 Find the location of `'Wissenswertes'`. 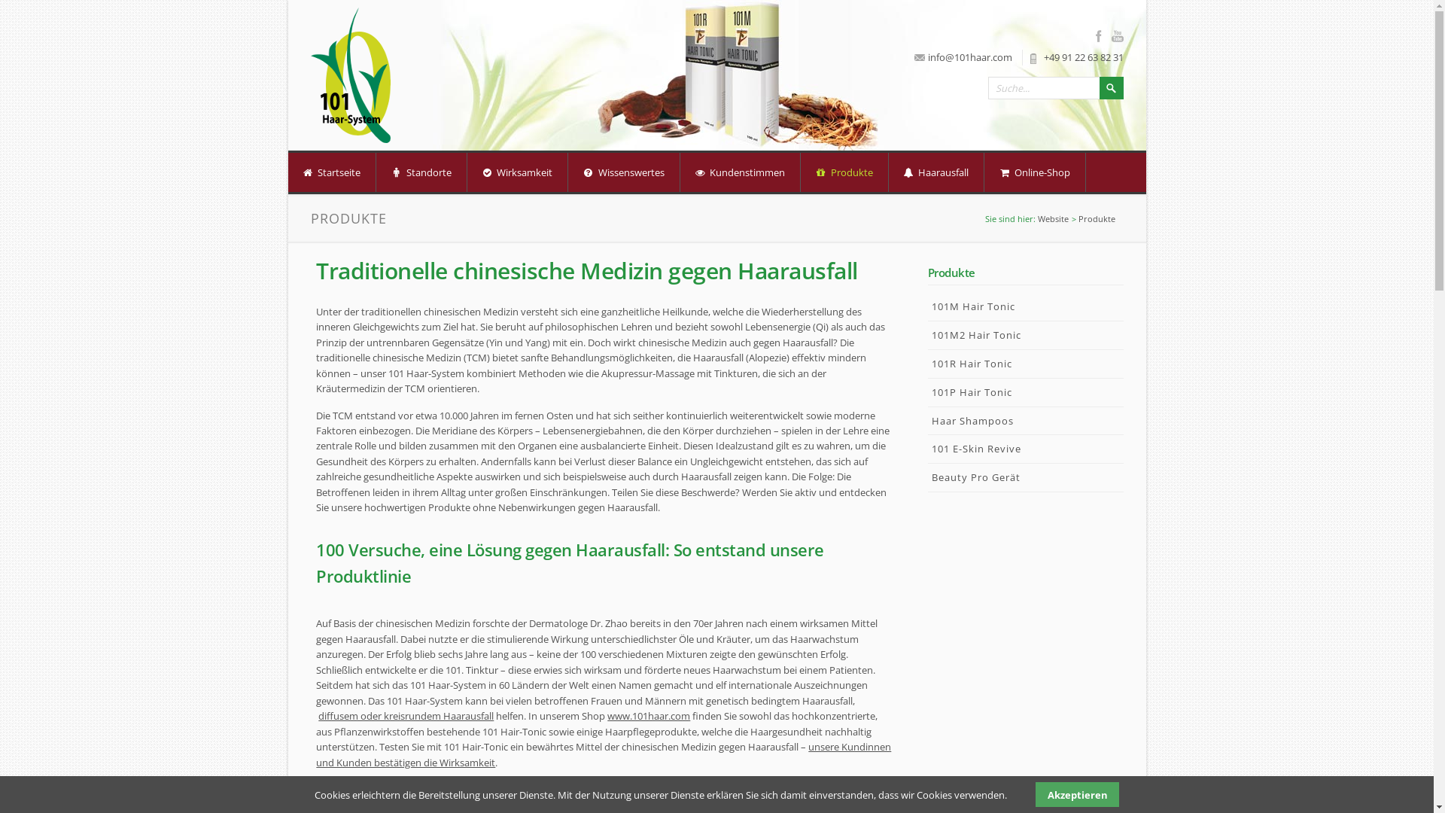

'Wissenswertes' is located at coordinates (567, 171).